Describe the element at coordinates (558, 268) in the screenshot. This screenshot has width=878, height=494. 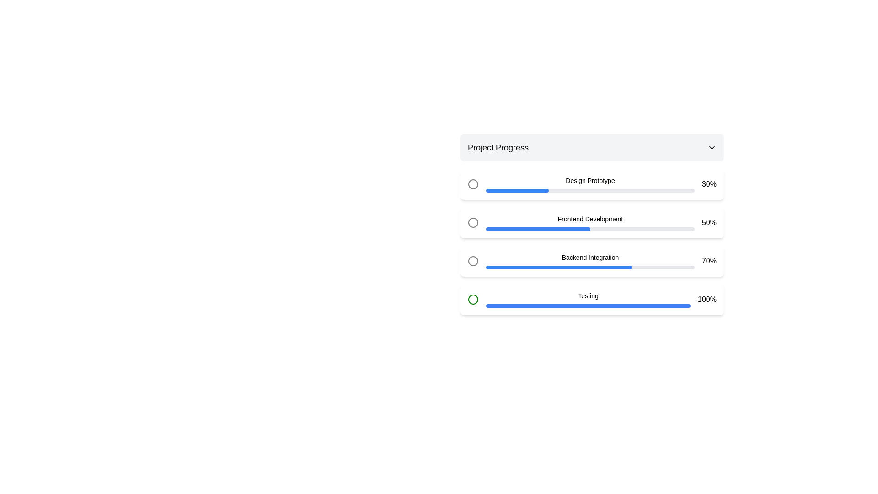
I see `progress value of the blue progress bar, which is located within the third progress bar labeled 'Backend Integration', positioned below the visible text label 'Backend Integration' and above 'Testing'` at that location.